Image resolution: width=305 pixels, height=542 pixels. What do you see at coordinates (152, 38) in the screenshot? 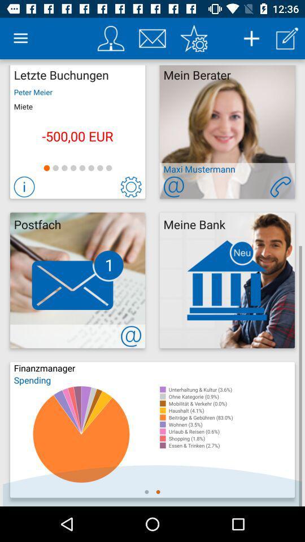
I see `open inbox` at bounding box center [152, 38].